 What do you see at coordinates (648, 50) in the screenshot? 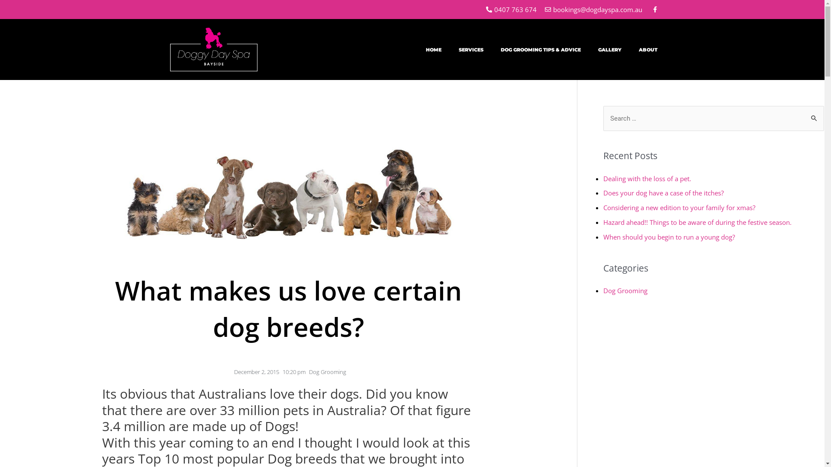
I see `'ABOUT'` at bounding box center [648, 50].